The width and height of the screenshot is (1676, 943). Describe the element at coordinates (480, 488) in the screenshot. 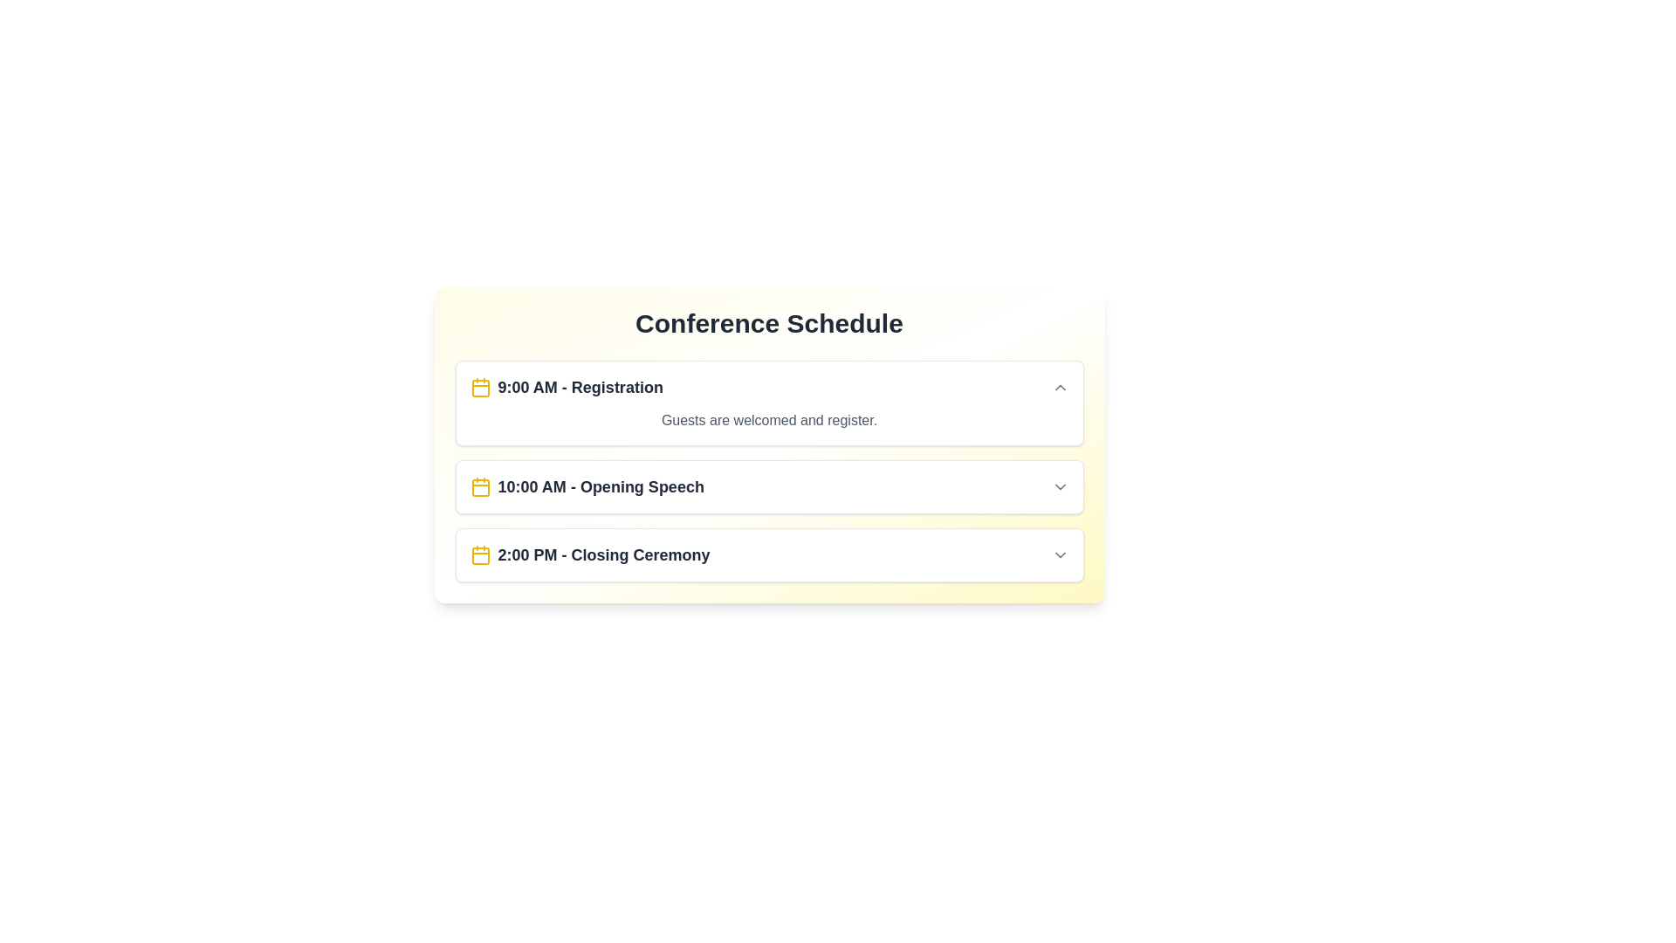

I see `the inner rectangle within the yellow calendar icon, which is located to the left of the text '9:00 AM – Registration' in the topmost entry of a vertical list` at that location.